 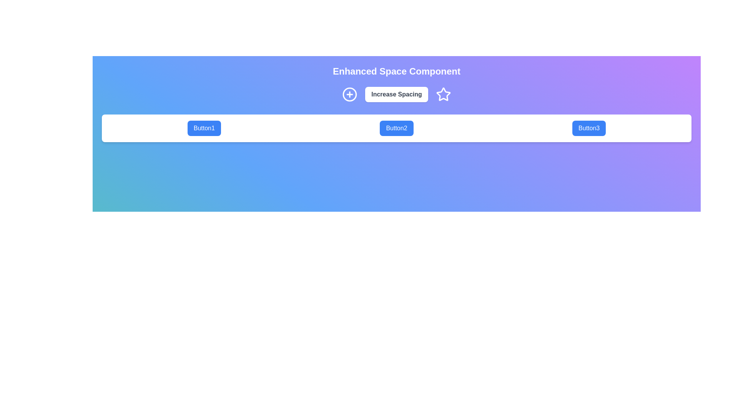 I want to click on the button labeled 'Button3' with white text on a blue background, so click(x=588, y=128).